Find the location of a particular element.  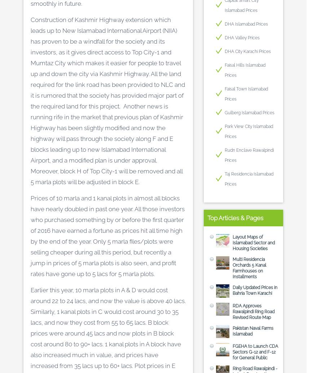

'Top Articles & Pages' is located at coordinates (235, 217).